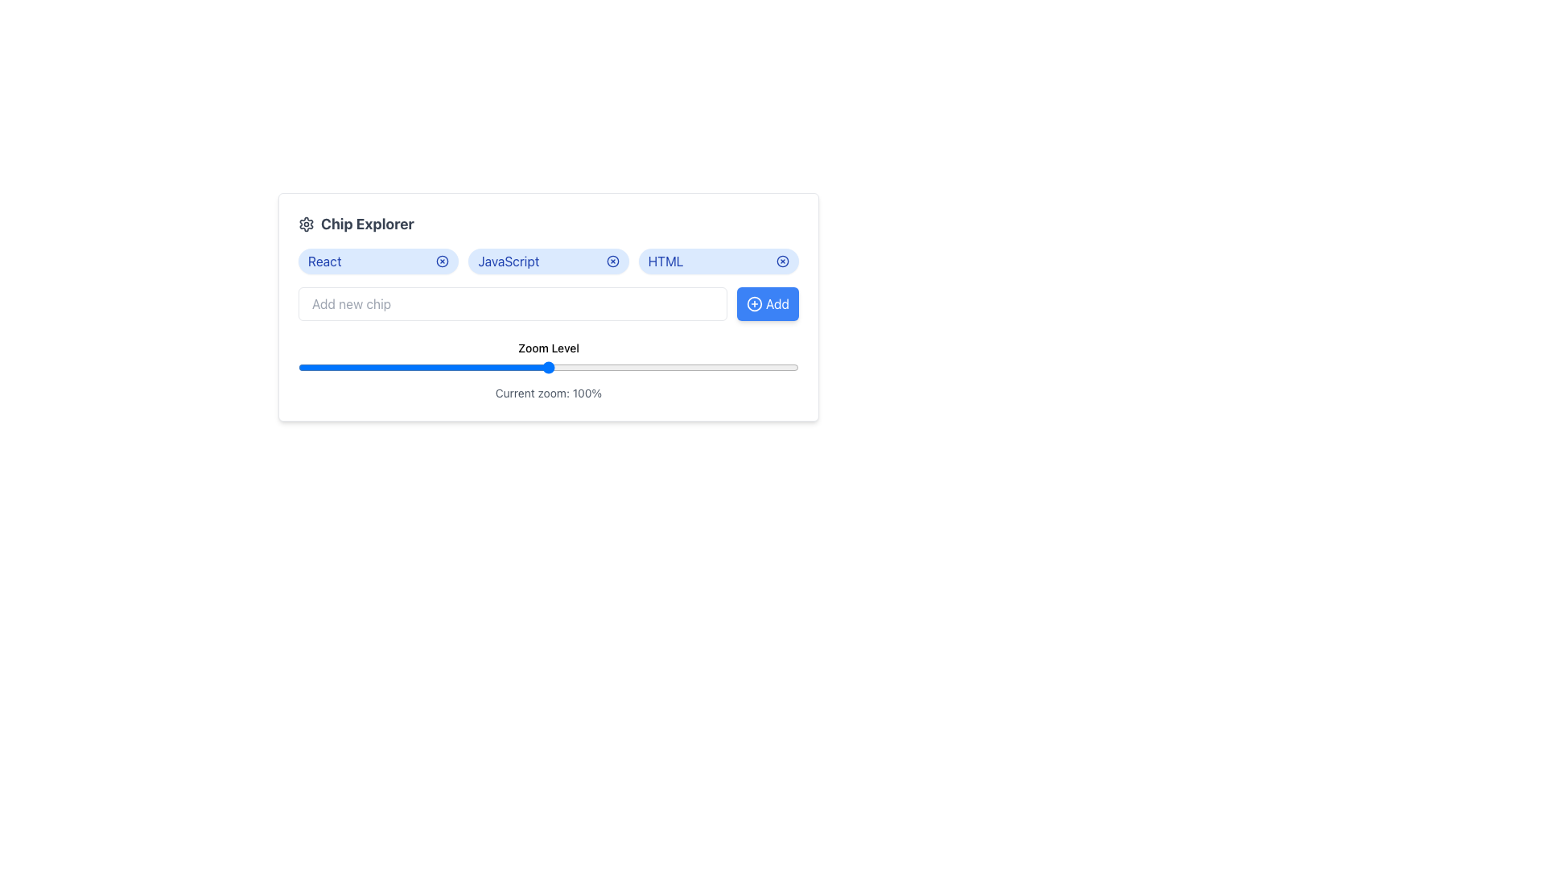 The height and width of the screenshot is (869, 1545). Describe the element at coordinates (612, 260) in the screenshot. I see `the visual indicator located between the 'JavaScript' and 'HTML' labels in the middle section of the header` at that location.